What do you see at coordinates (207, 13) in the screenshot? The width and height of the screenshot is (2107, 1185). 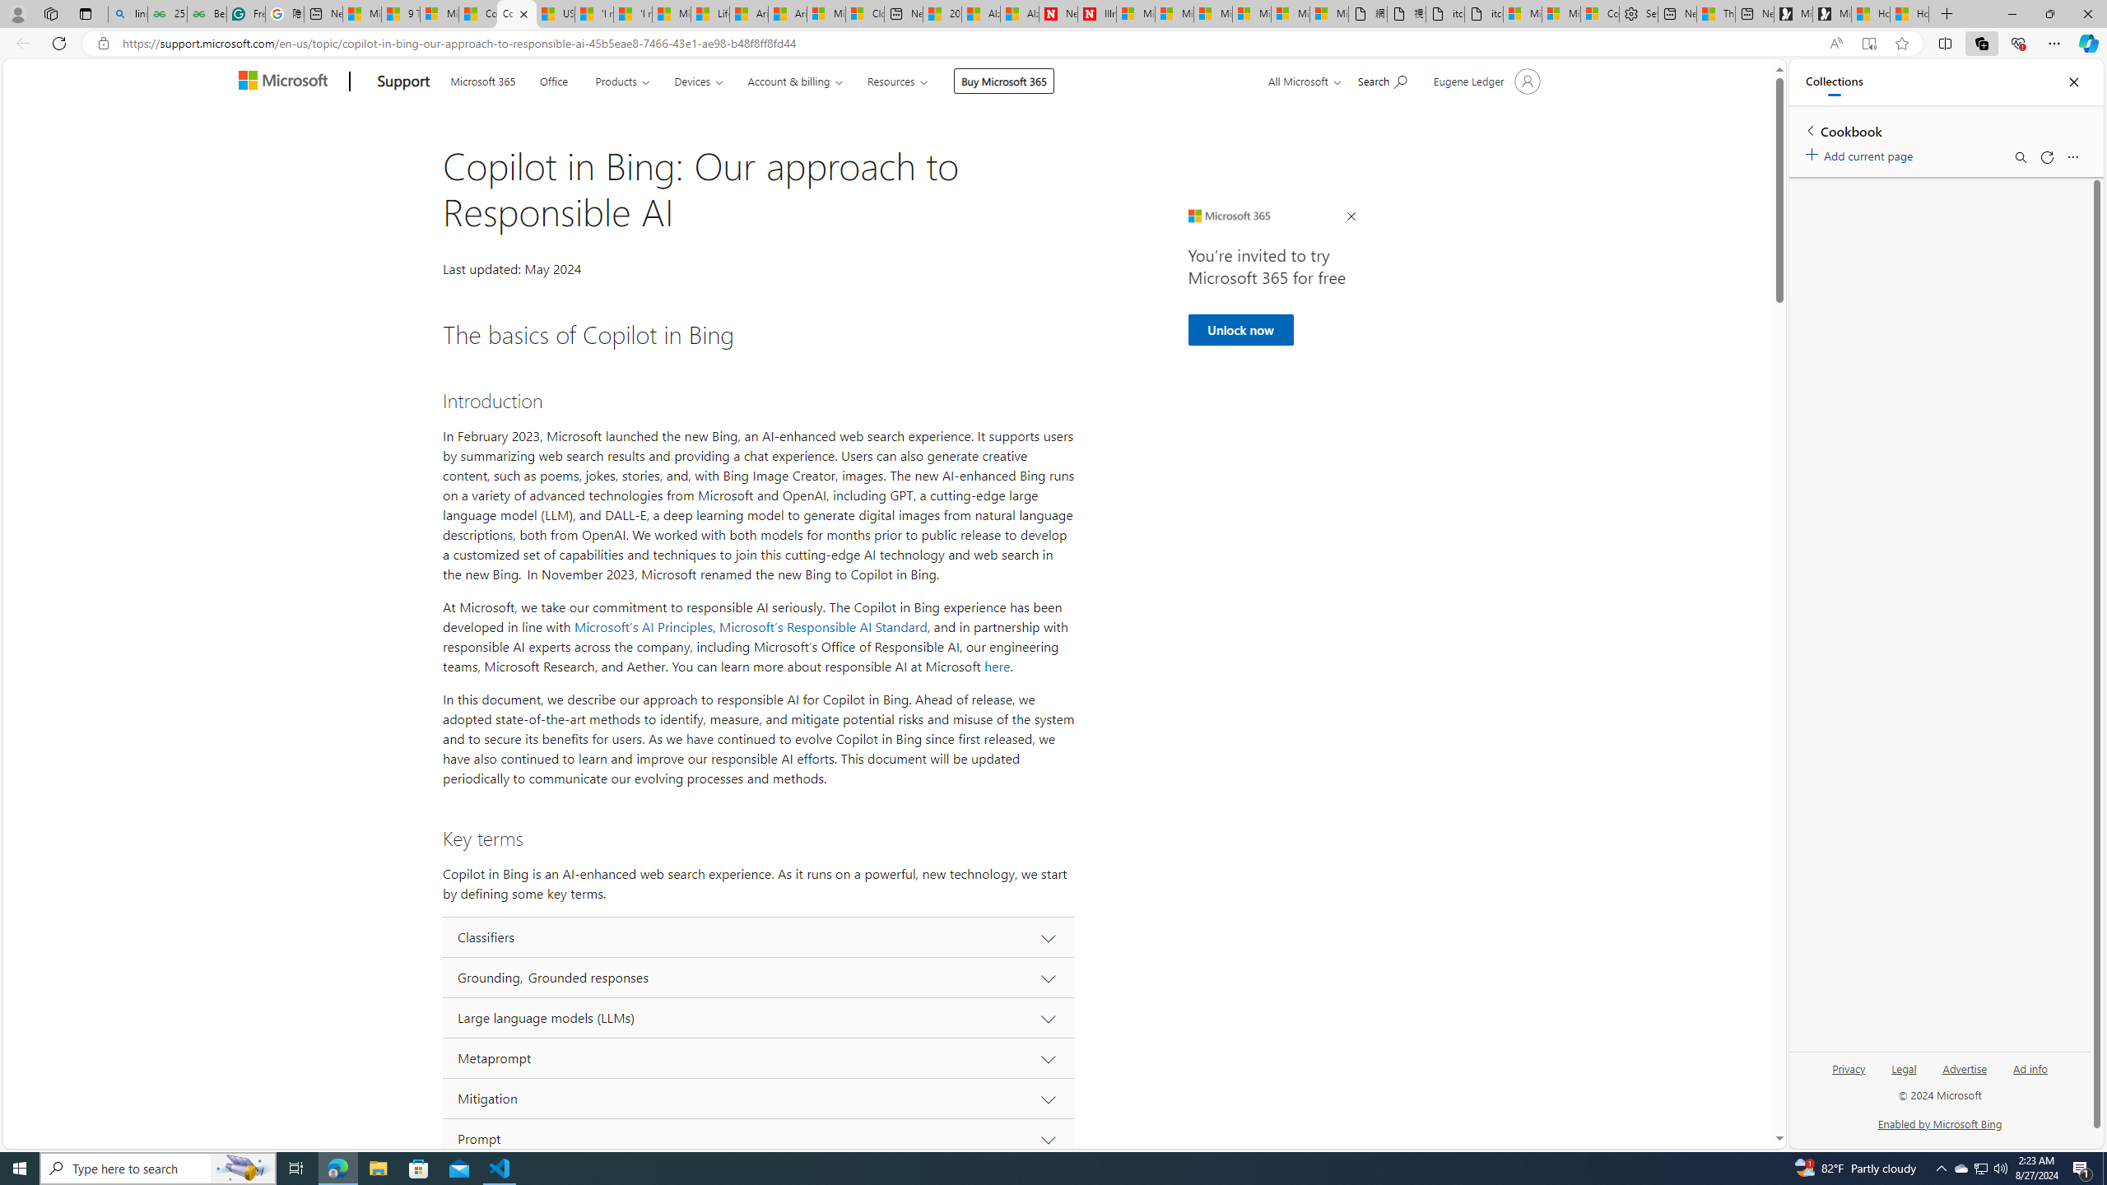 I see `'Best SSL Certificates Provider in India - GeeksforGeeks'` at bounding box center [207, 13].